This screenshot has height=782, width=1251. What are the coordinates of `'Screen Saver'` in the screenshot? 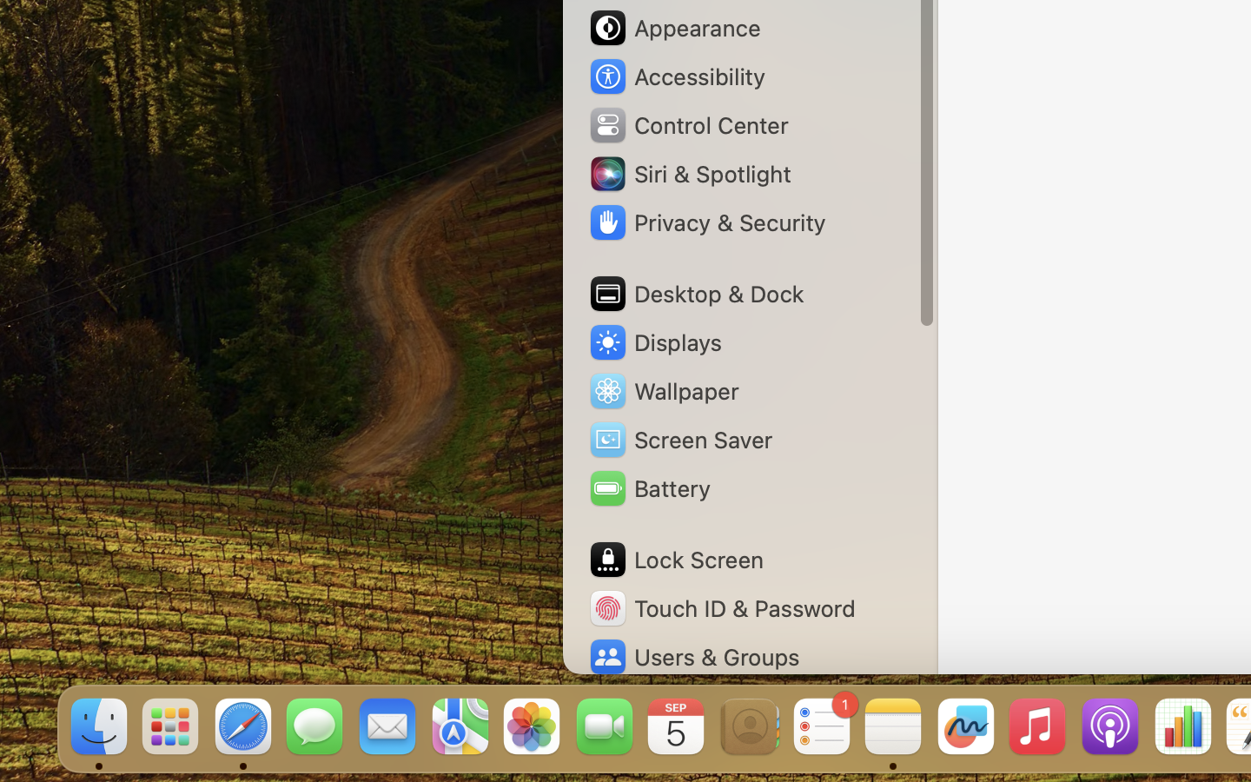 It's located at (679, 438).